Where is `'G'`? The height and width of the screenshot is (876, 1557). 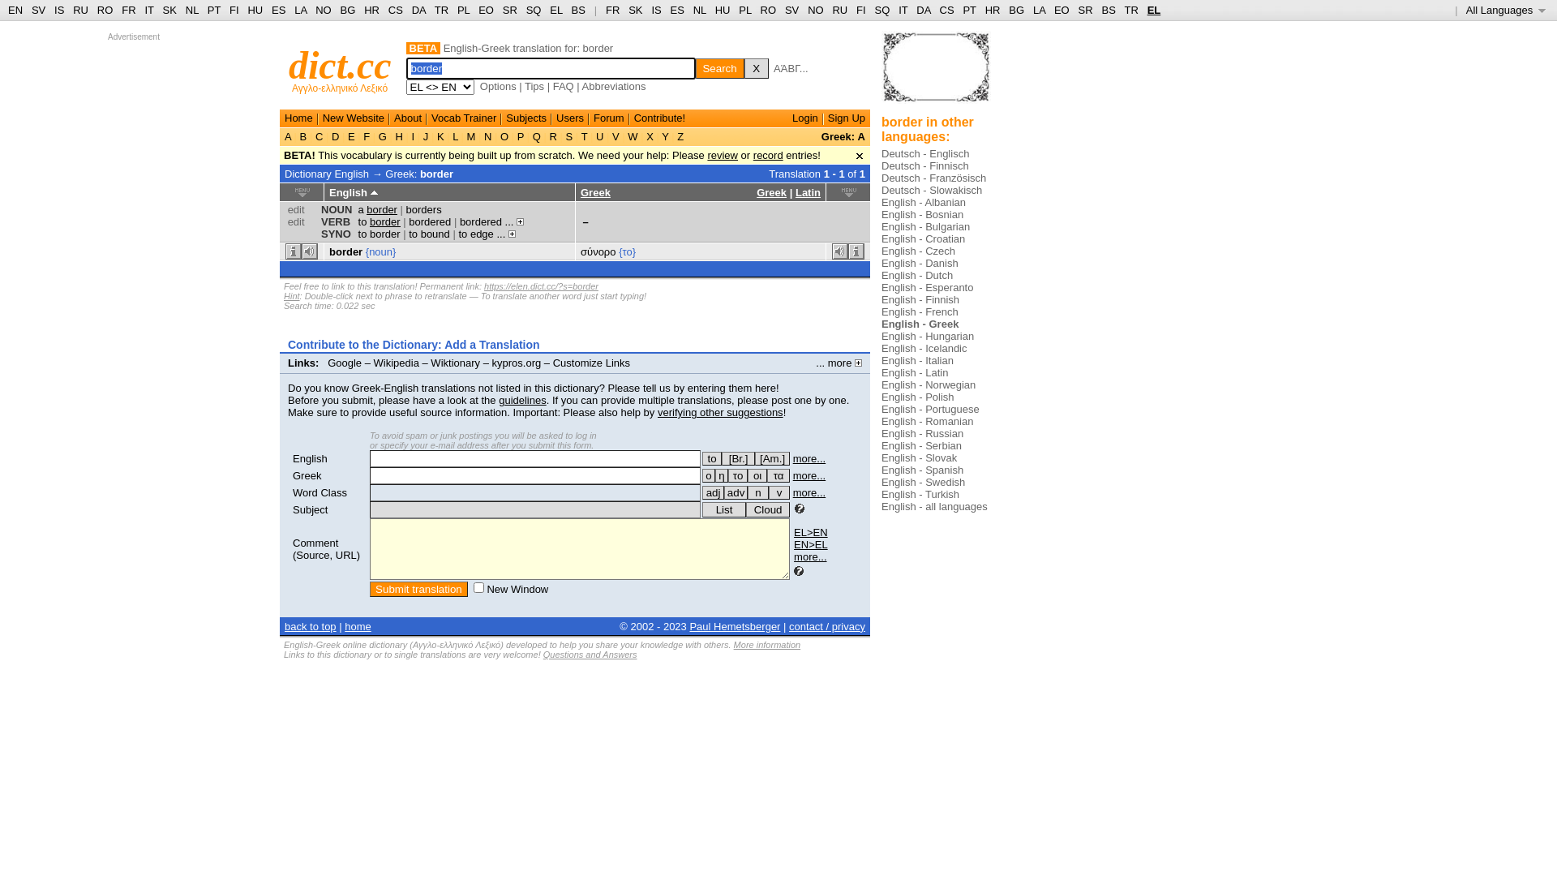 'G' is located at coordinates (374, 135).